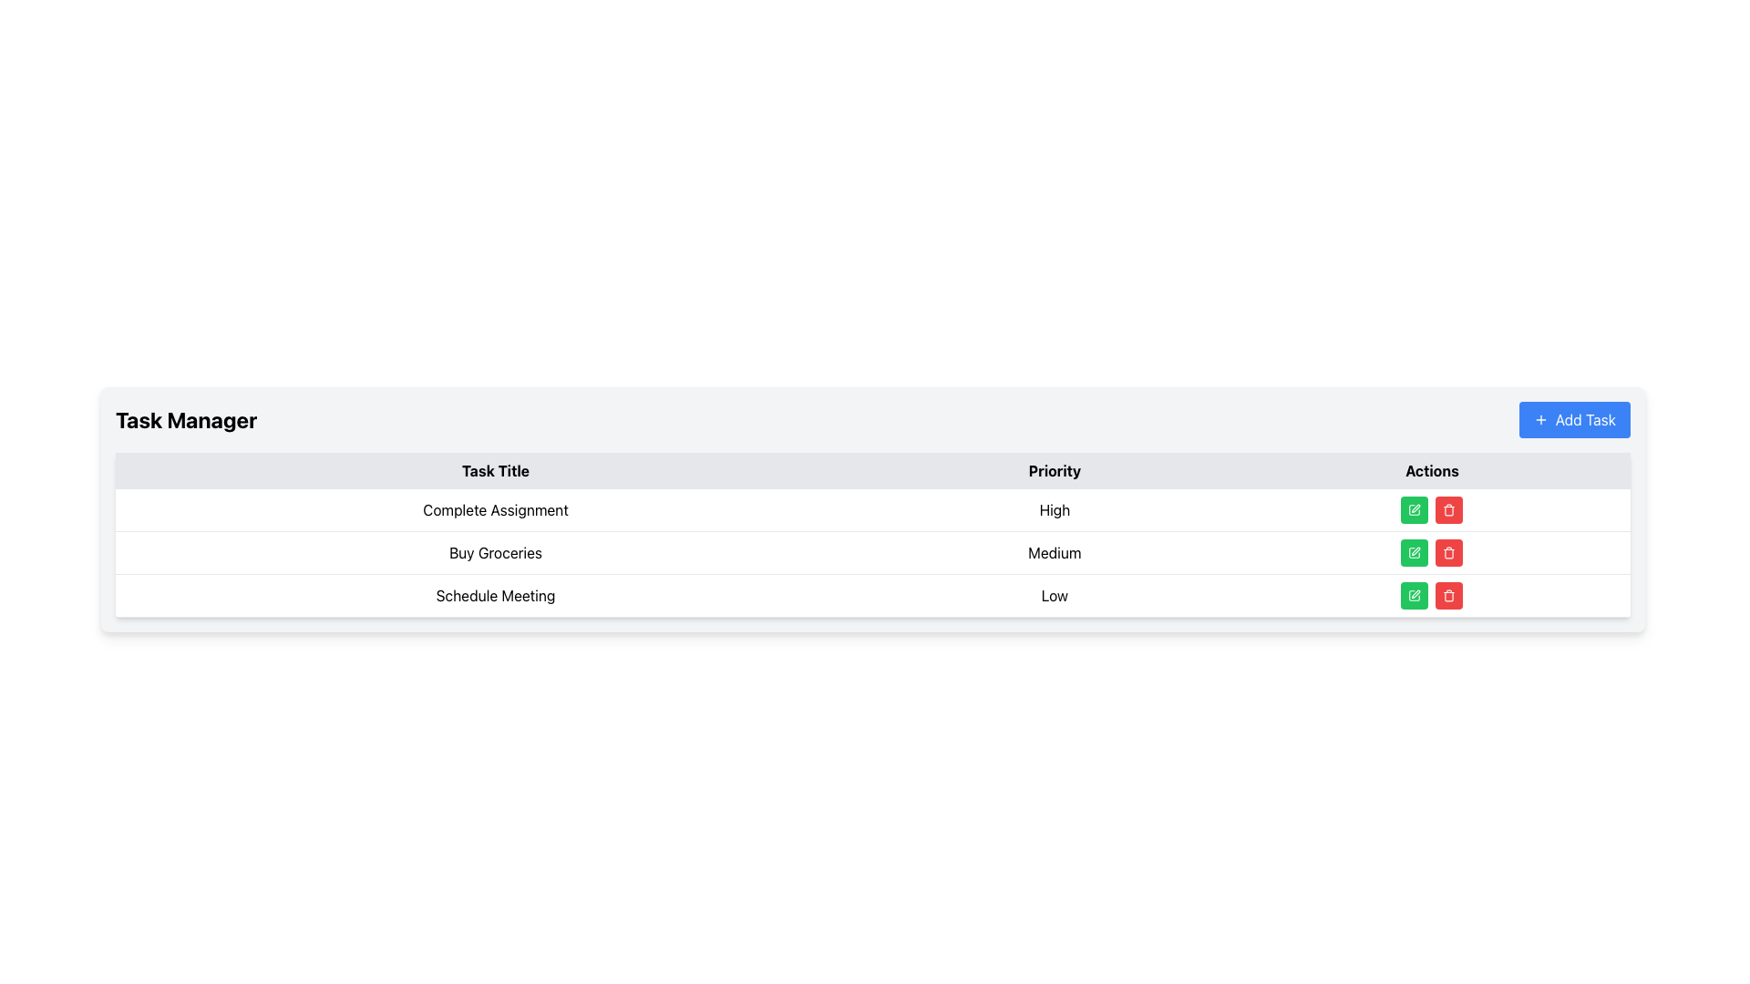  What do you see at coordinates (1448, 509) in the screenshot?
I see `the delete button in the 'Actions' column of the last row, which is associated with the 'Schedule Meeting' task` at bounding box center [1448, 509].